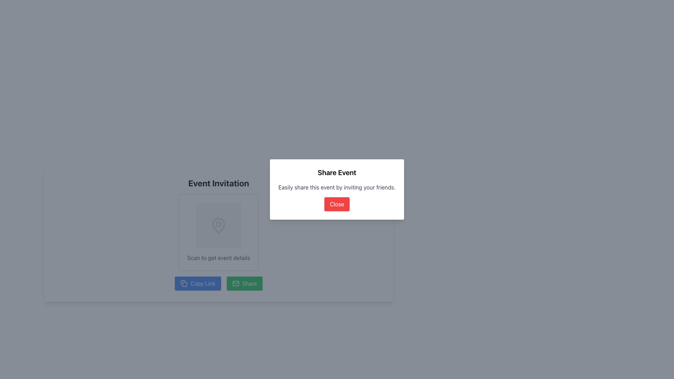  What do you see at coordinates (184, 283) in the screenshot?
I see `the small square icon resembling two overlapping rectangles with a blue background, located to the left of the 'Copy Link' text on the blue button at the bottom center of the left card` at bounding box center [184, 283].